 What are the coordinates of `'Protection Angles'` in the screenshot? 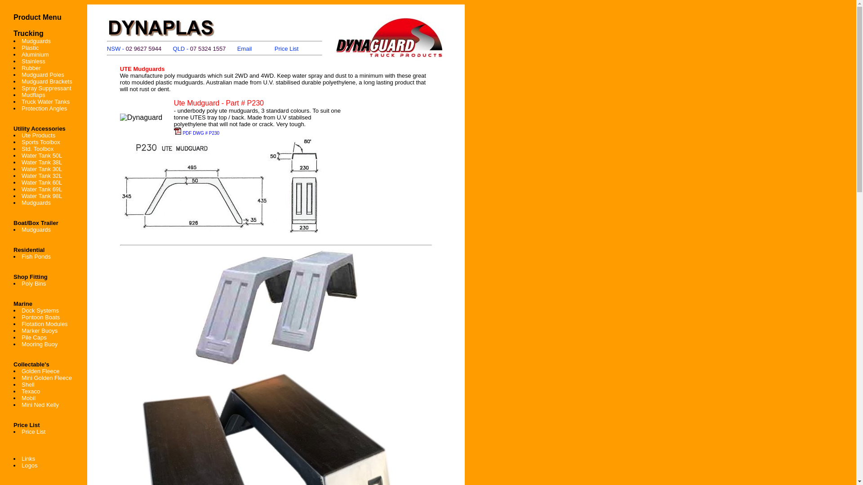 It's located at (44, 108).